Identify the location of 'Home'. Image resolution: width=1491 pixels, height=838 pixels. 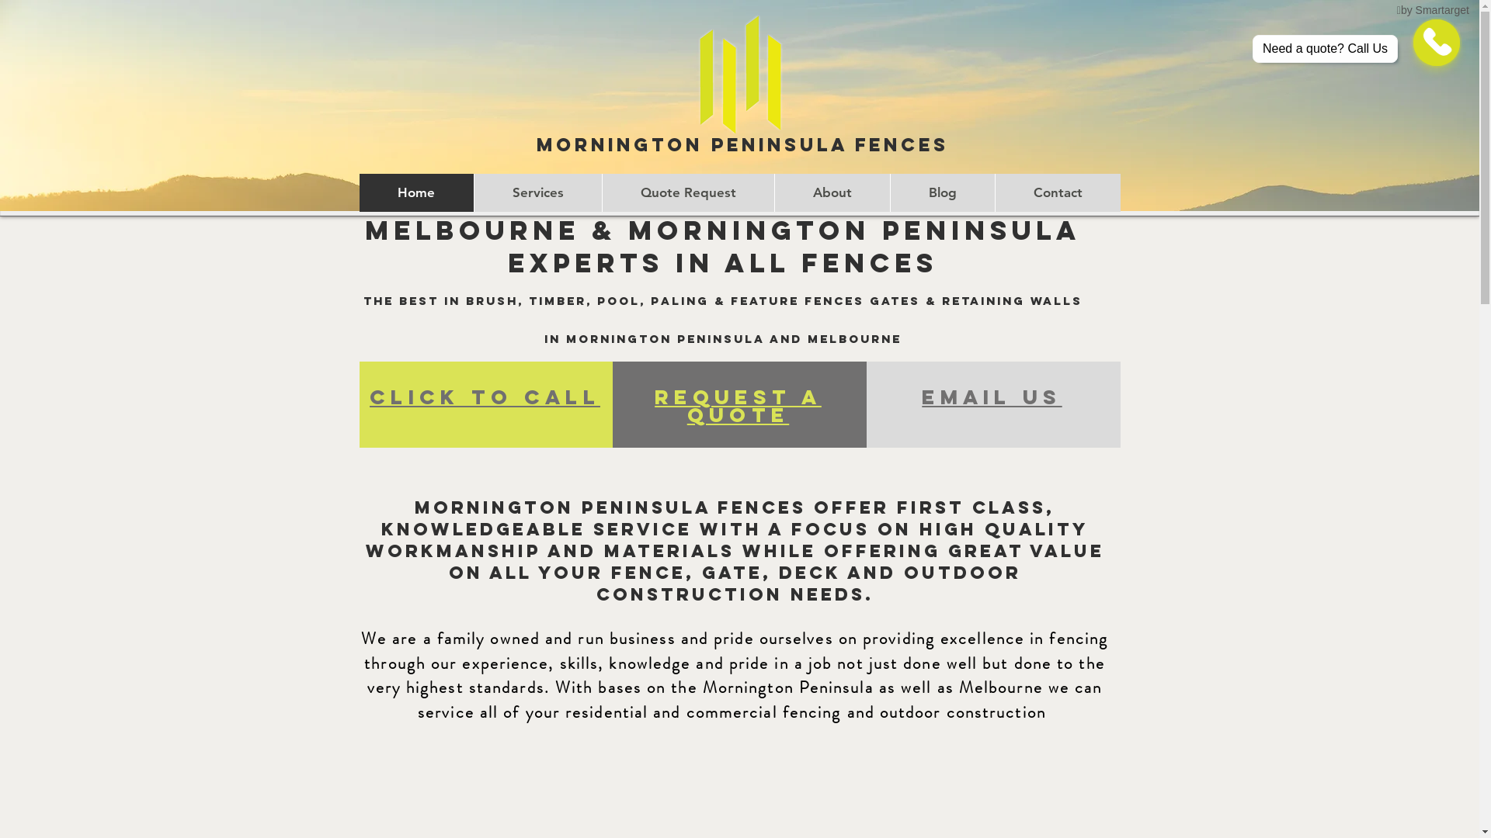
(357, 192).